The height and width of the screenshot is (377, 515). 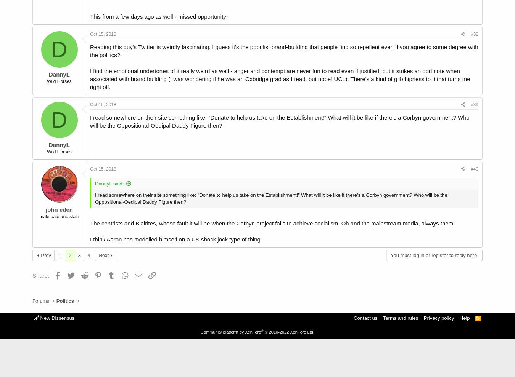 I want to click on 'male pale and stale', so click(x=59, y=216).